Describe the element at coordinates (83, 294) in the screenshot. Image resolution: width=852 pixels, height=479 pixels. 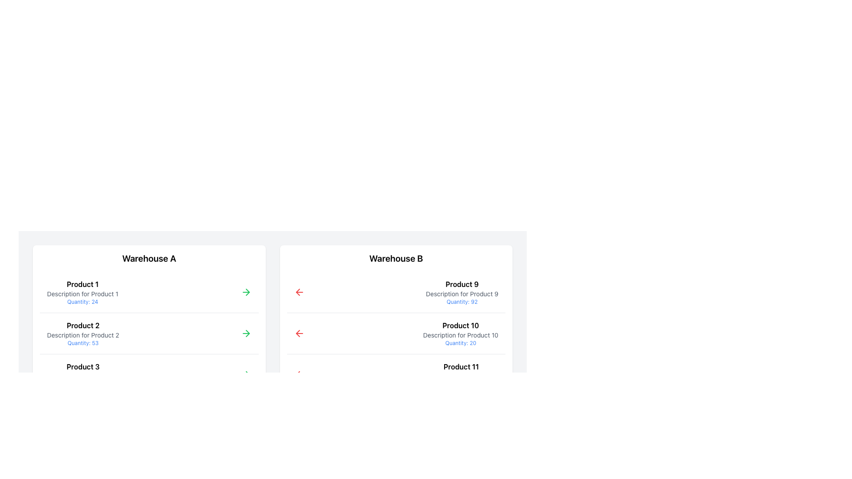
I see `the non-interactive Text Label providing descriptive information about 'Product 1', located below the 'Product 1' title and above the 'Quantity: 24' text in the 'Warehouse A' section` at that location.